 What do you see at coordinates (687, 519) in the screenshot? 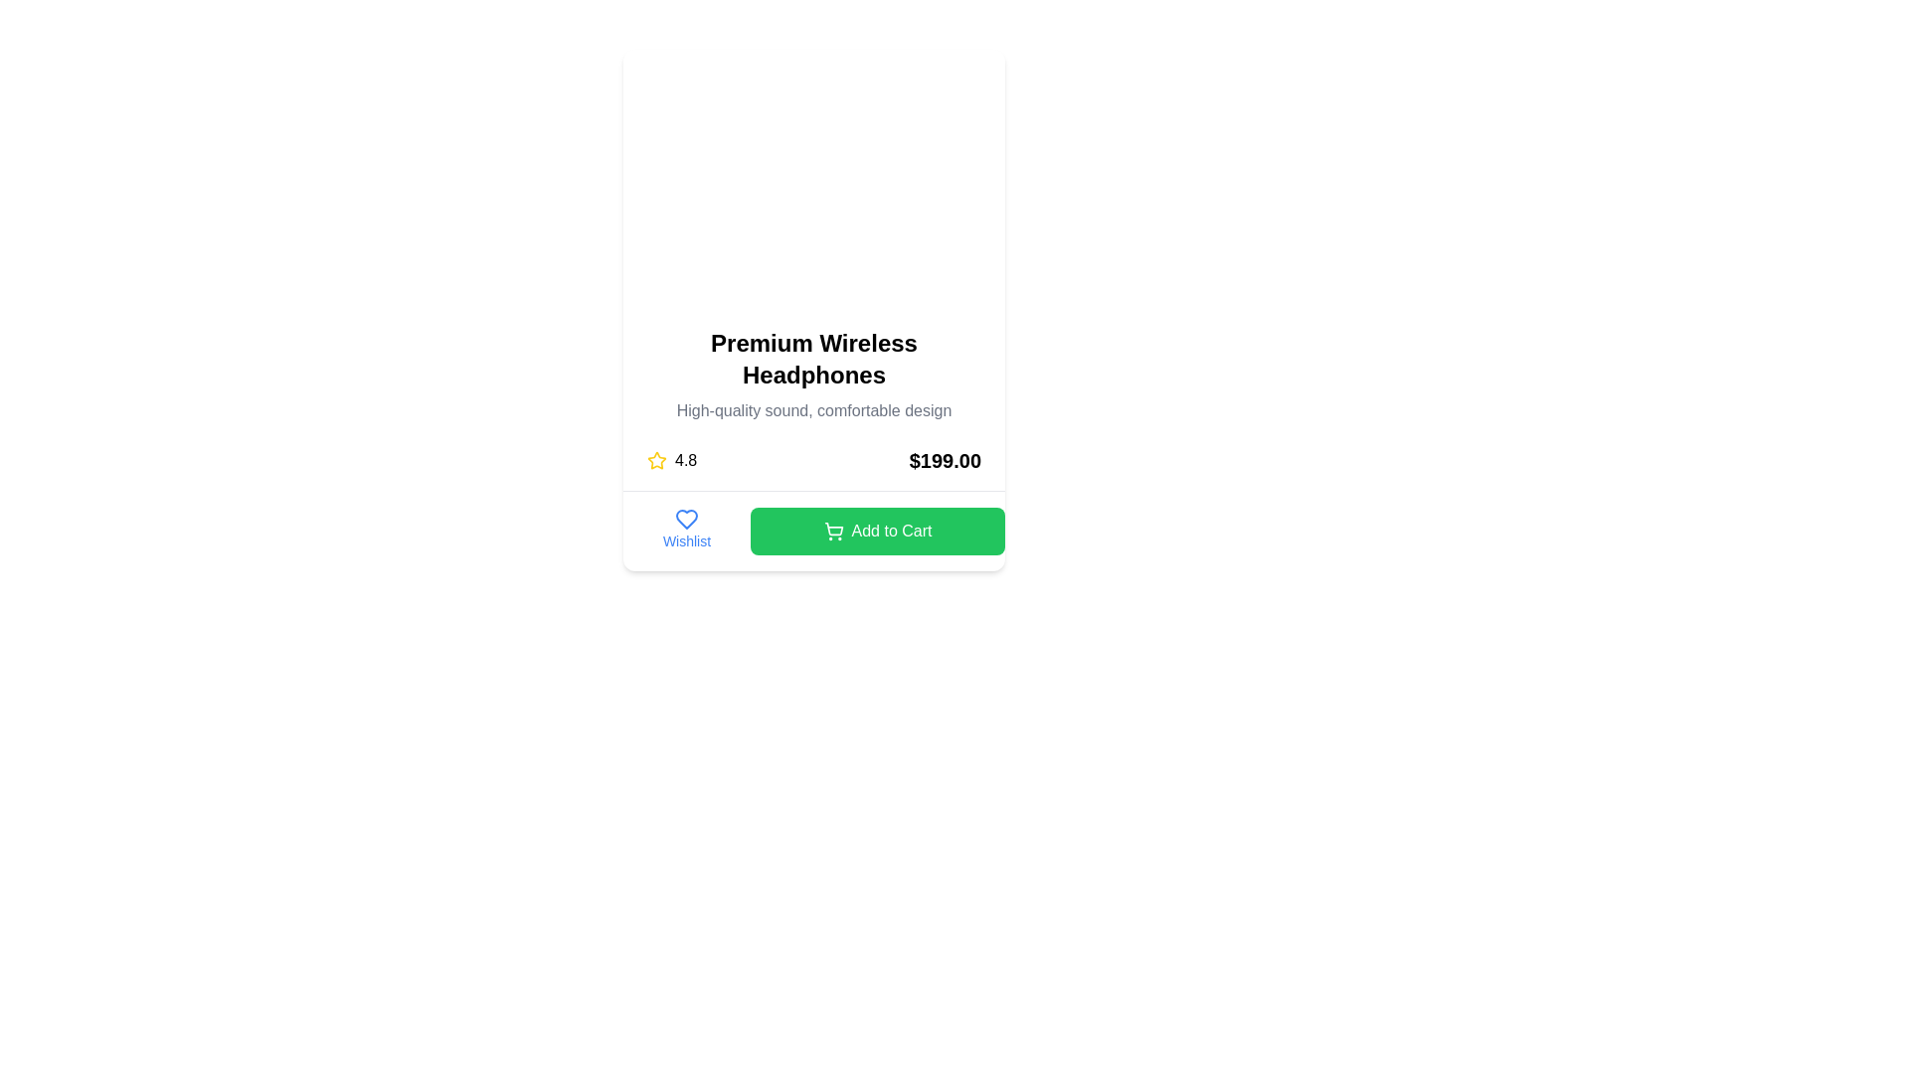
I see `to select the blue outlined heart-shaped icon located above the 'Wishlist' text in the bottom-left corner of the product card` at bounding box center [687, 519].